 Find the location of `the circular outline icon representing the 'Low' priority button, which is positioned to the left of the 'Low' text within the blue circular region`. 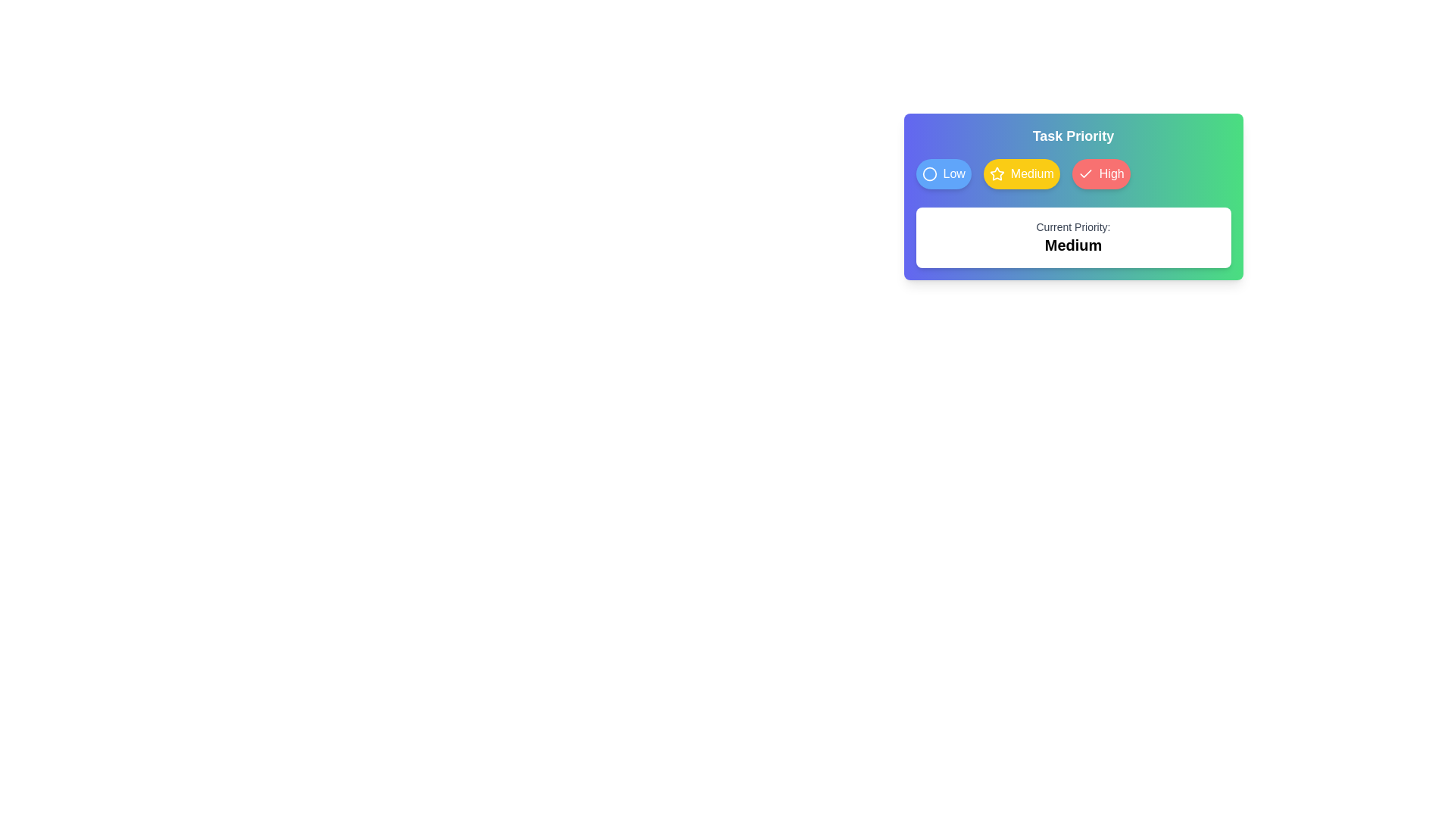

the circular outline icon representing the 'Low' priority button, which is positioned to the left of the 'Low' text within the blue circular region is located at coordinates (928, 173).